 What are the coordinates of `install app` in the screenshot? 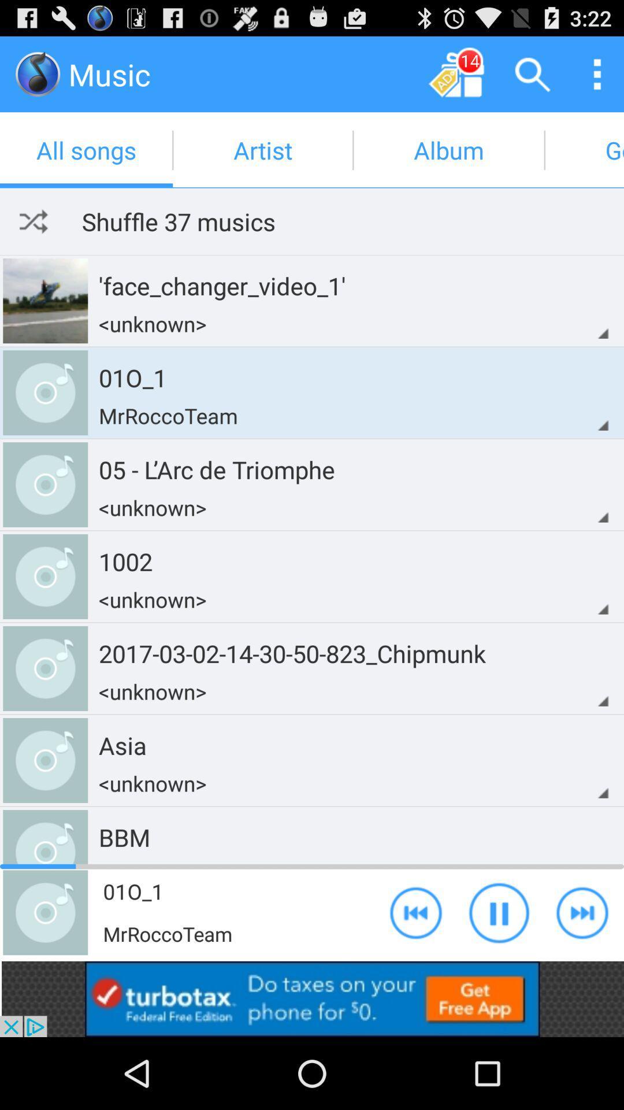 It's located at (312, 998).